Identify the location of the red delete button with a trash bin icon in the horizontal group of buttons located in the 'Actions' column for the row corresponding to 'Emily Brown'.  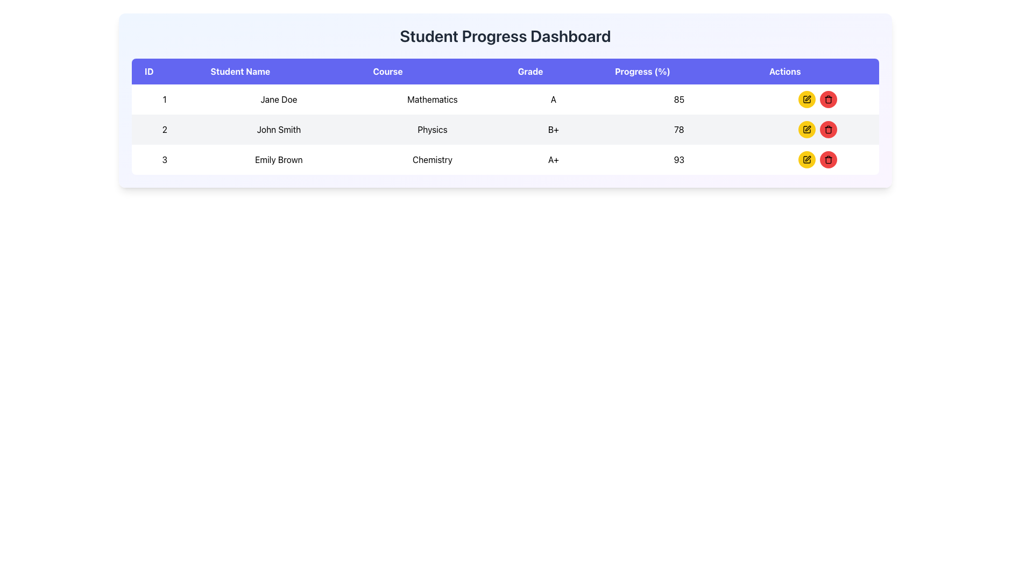
(817, 160).